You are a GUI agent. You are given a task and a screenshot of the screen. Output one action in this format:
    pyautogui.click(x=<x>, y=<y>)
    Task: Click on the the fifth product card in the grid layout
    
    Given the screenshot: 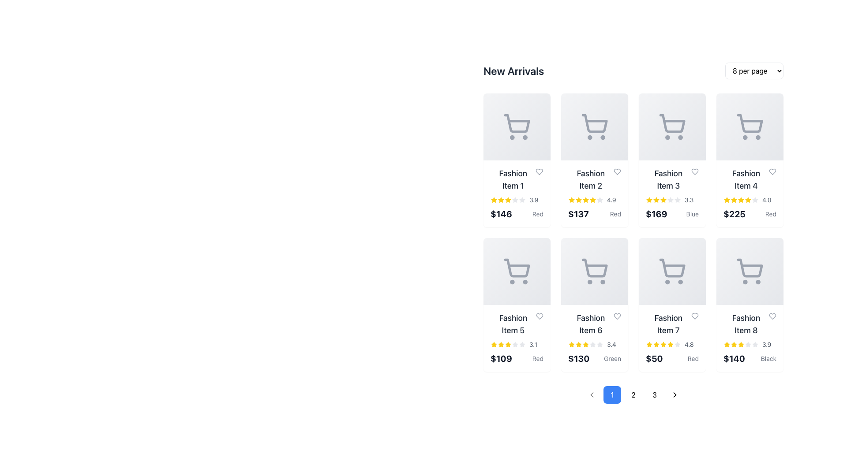 What is the action you would take?
    pyautogui.click(x=517, y=304)
    